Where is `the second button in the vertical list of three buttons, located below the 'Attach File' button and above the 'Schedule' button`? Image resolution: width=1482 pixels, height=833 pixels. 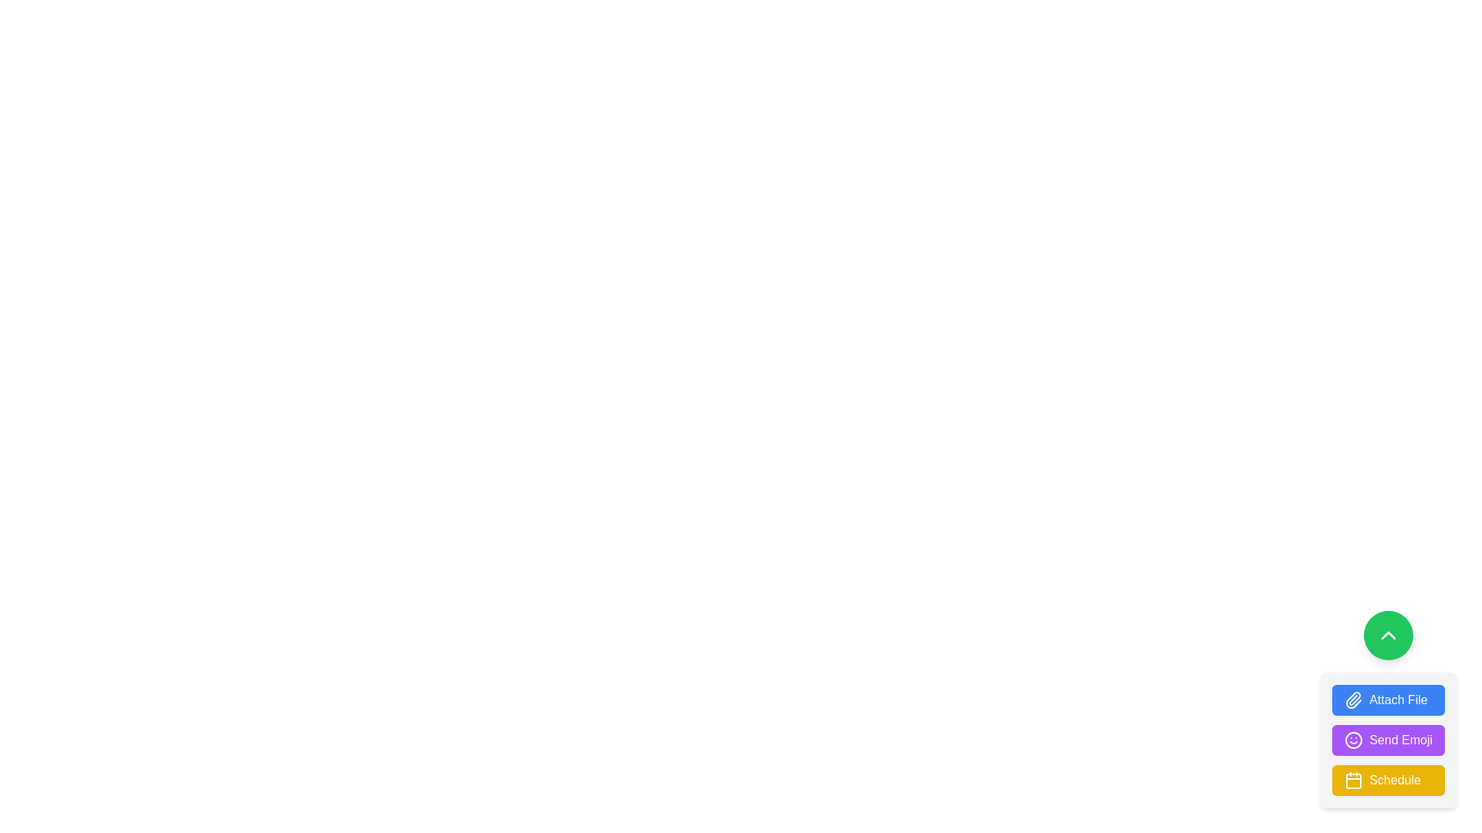 the second button in the vertical list of three buttons, located below the 'Attach File' button and above the 'Schedule' button is located at coordinates (1389, 740).